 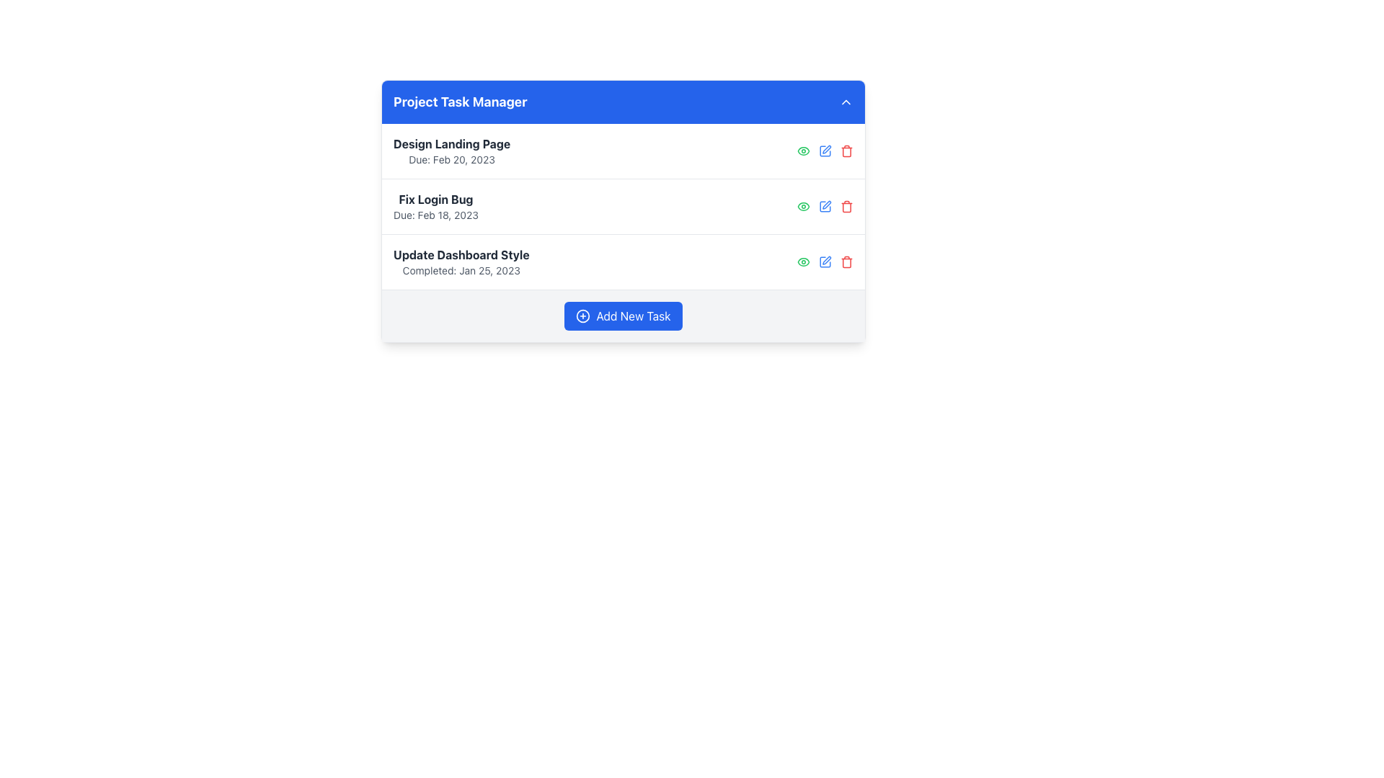 I want to click on to select the second item in the task list which provides an overview of a task, including its title and due date, so click(x=435, y=206).